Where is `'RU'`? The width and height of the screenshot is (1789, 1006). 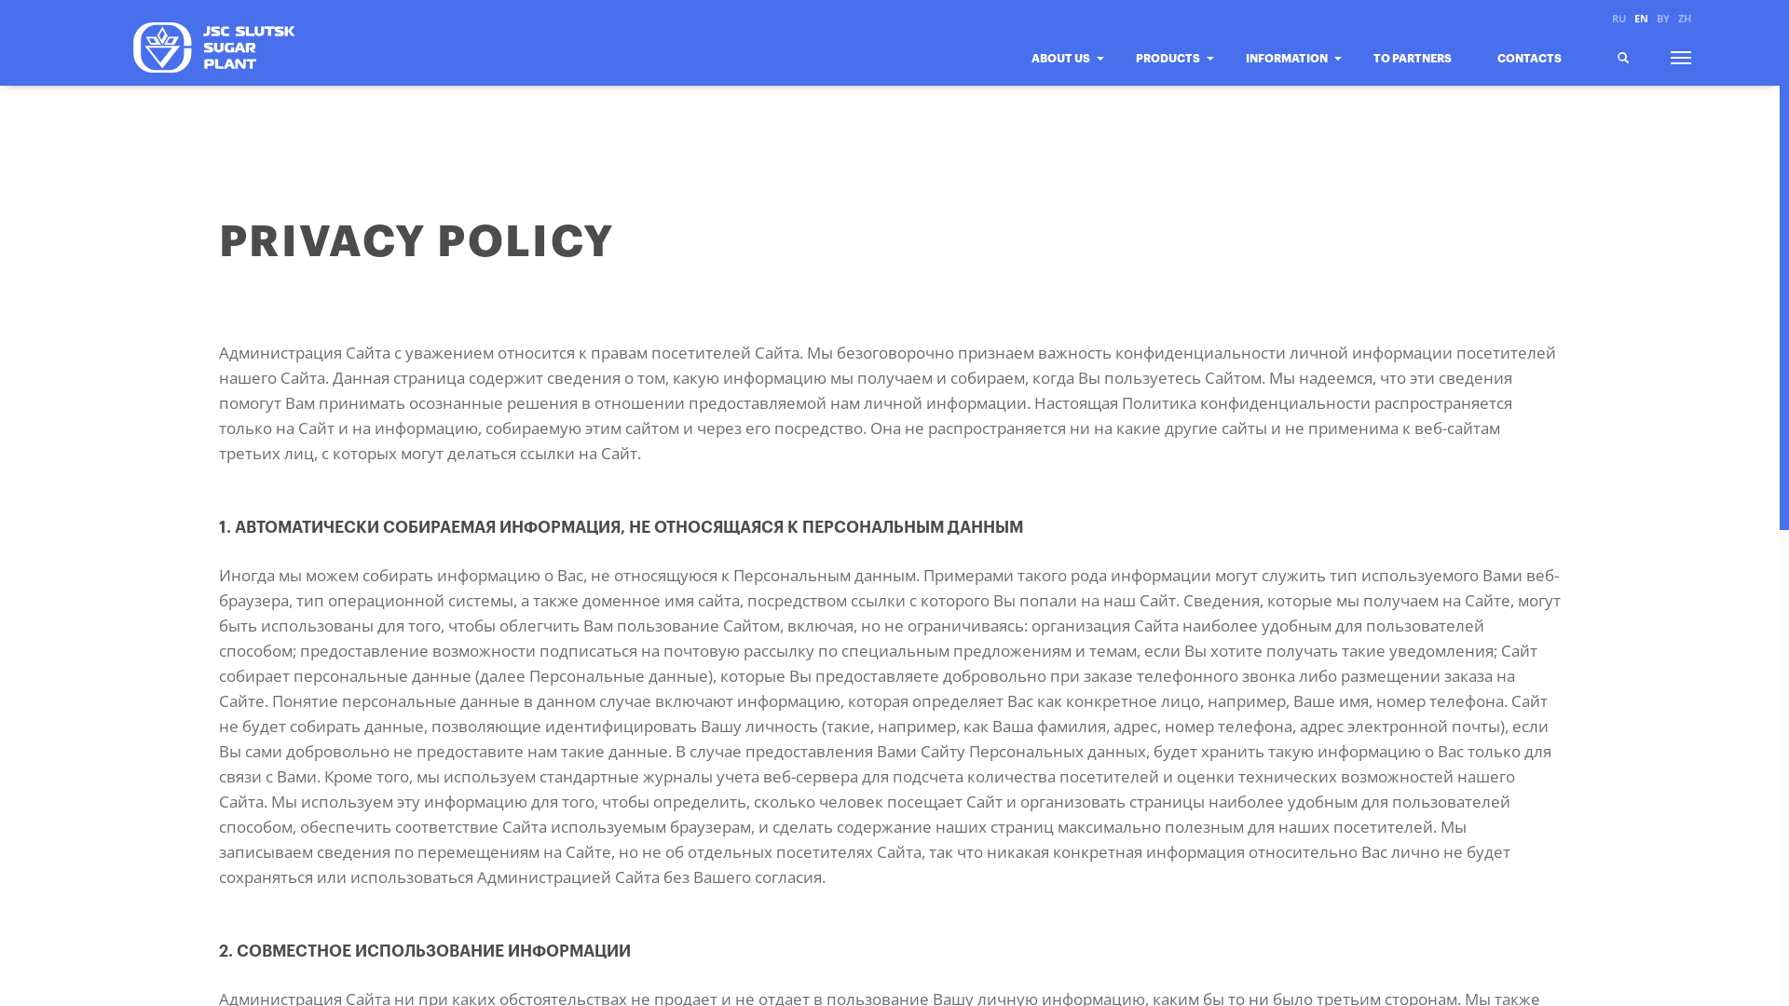
'RU' is located at coordinates (1610, 18).